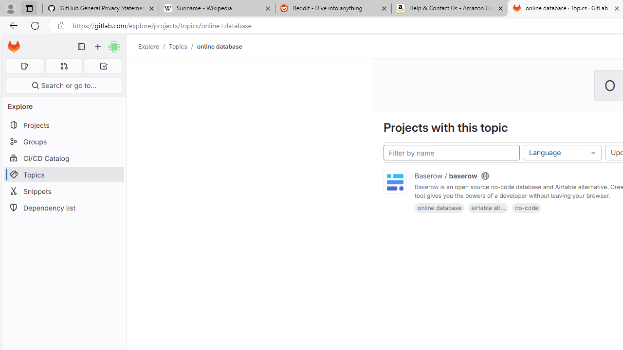 The width and height of the screenshot is (623, 350). Describe the element at coordinates (103, 66) in the screenshot. I see `'To-Do list 0'` at that location.